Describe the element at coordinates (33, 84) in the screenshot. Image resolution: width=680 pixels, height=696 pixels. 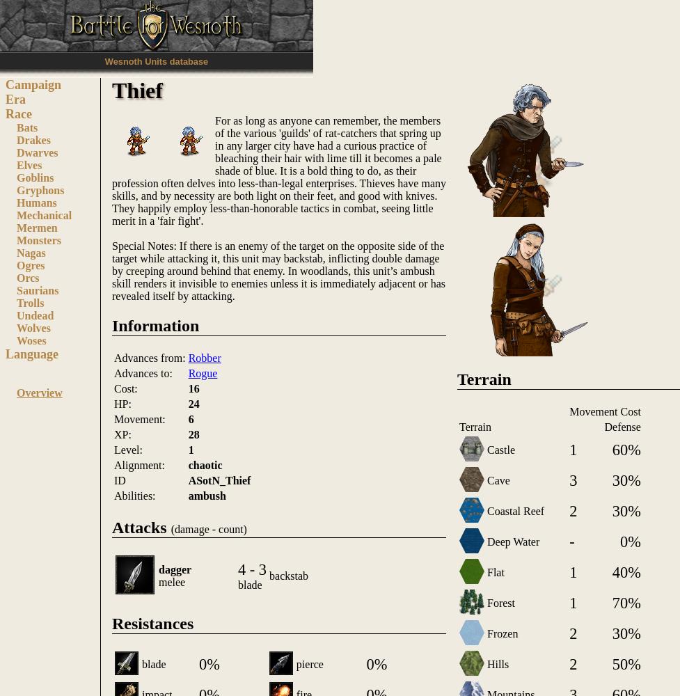
I see `'Campaign'` at that location.